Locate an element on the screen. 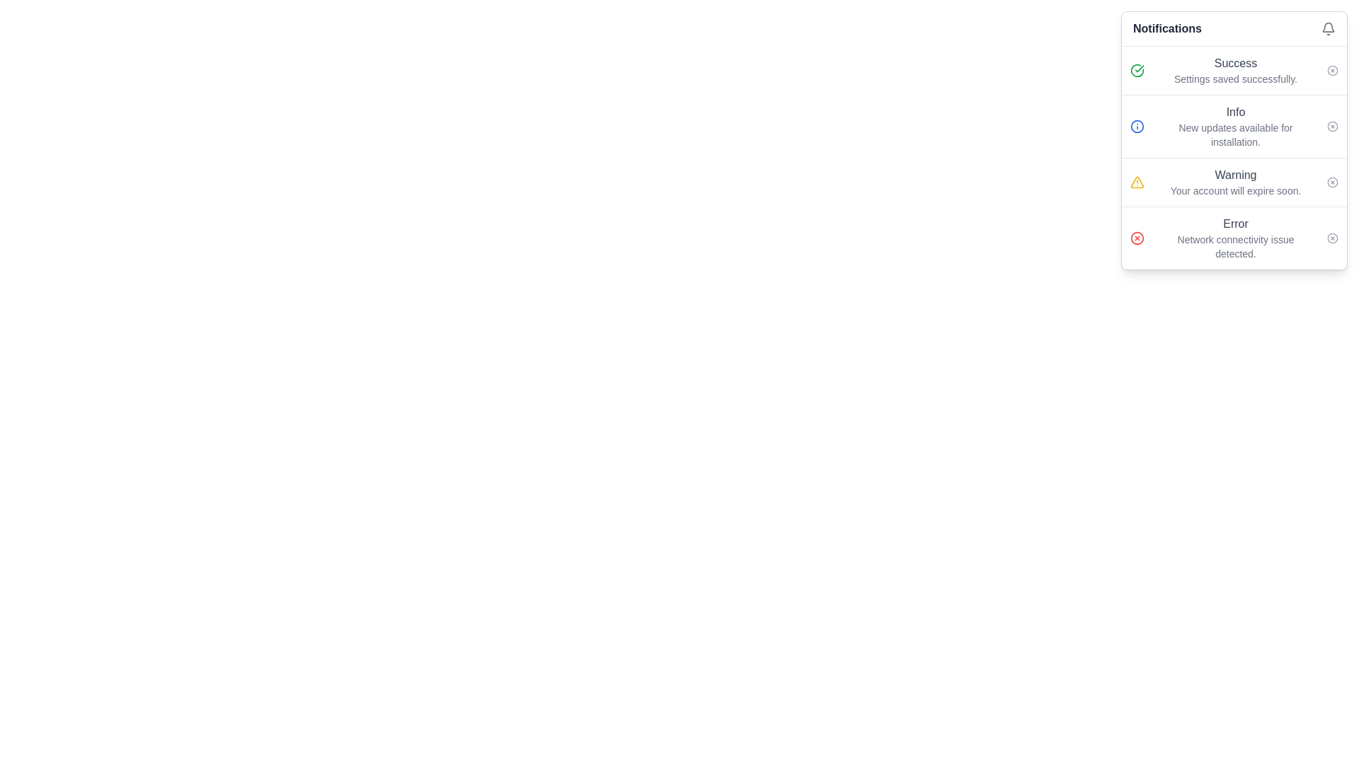 This screenshot has width=1359, height=764. the warning notification icon located in the third row of the notifications panel, positioned to the left of the text 'Warning: Your account will expire soon.' is located at coordinates (1137, 182).